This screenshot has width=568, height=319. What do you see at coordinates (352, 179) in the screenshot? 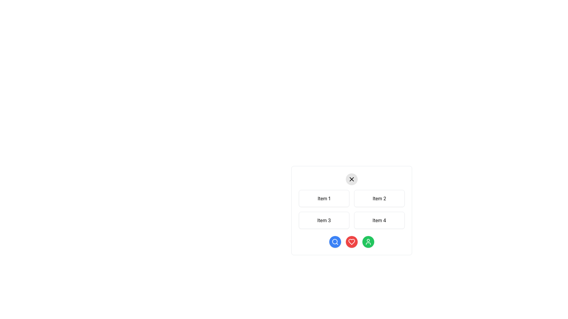
I see `the decorative close icon located at the center of a circular button above the grid of labeled buttons ('Item 1' to 'Item 4')` at bounding box center [352, 179].